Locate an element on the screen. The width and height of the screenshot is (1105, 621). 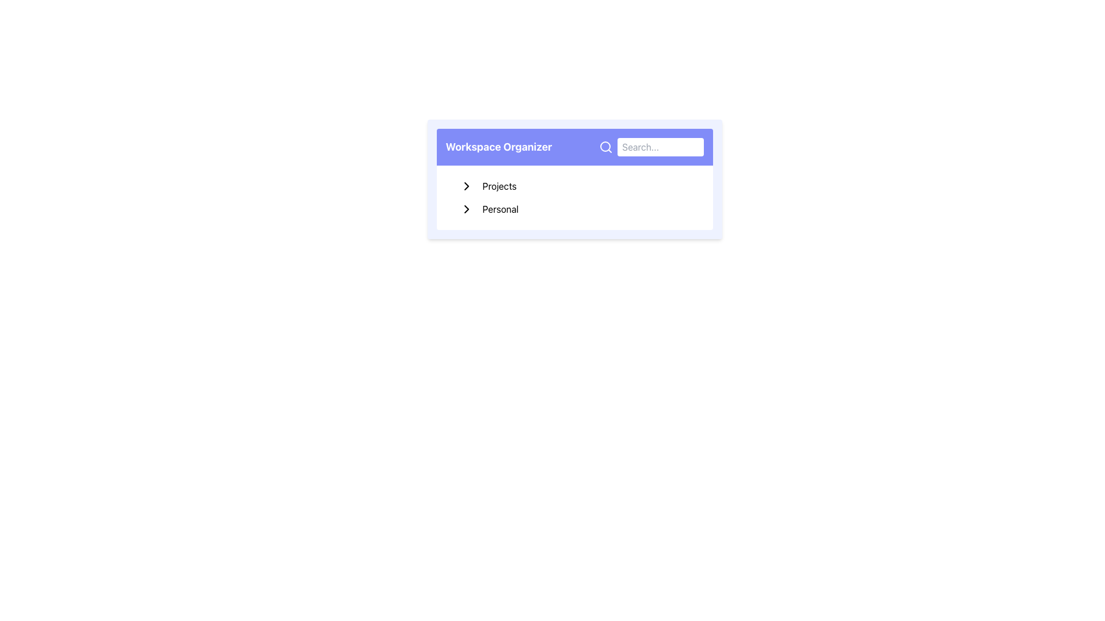
the icon that serves as a visual indicator for expanding or navigating to details related to the 'Personal' list item, positioned to the left of the text 'Personal' is located at coordinates (466, 209).